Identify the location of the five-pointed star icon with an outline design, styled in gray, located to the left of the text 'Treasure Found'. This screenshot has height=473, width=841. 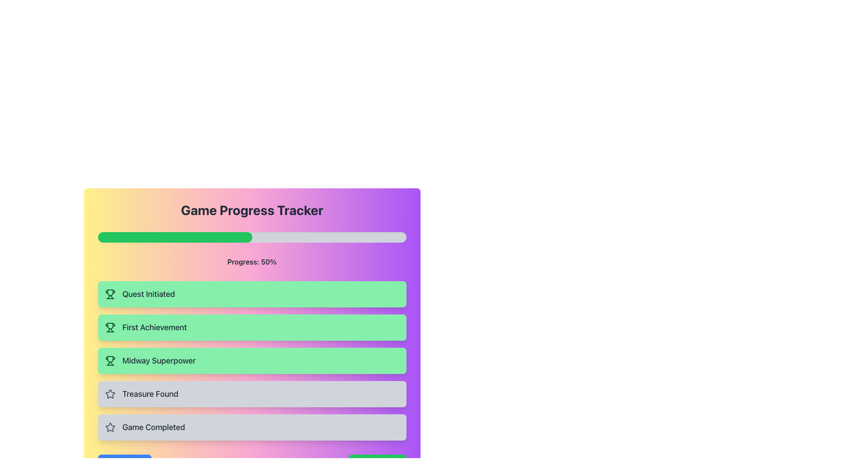
(110, 393).